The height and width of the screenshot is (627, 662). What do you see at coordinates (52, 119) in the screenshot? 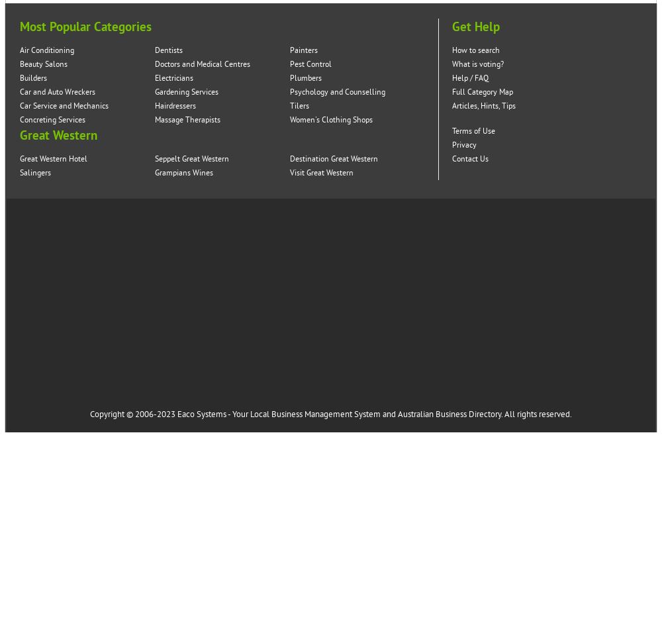
I see `'Concreting Services'` at bounding box center [52, 119].